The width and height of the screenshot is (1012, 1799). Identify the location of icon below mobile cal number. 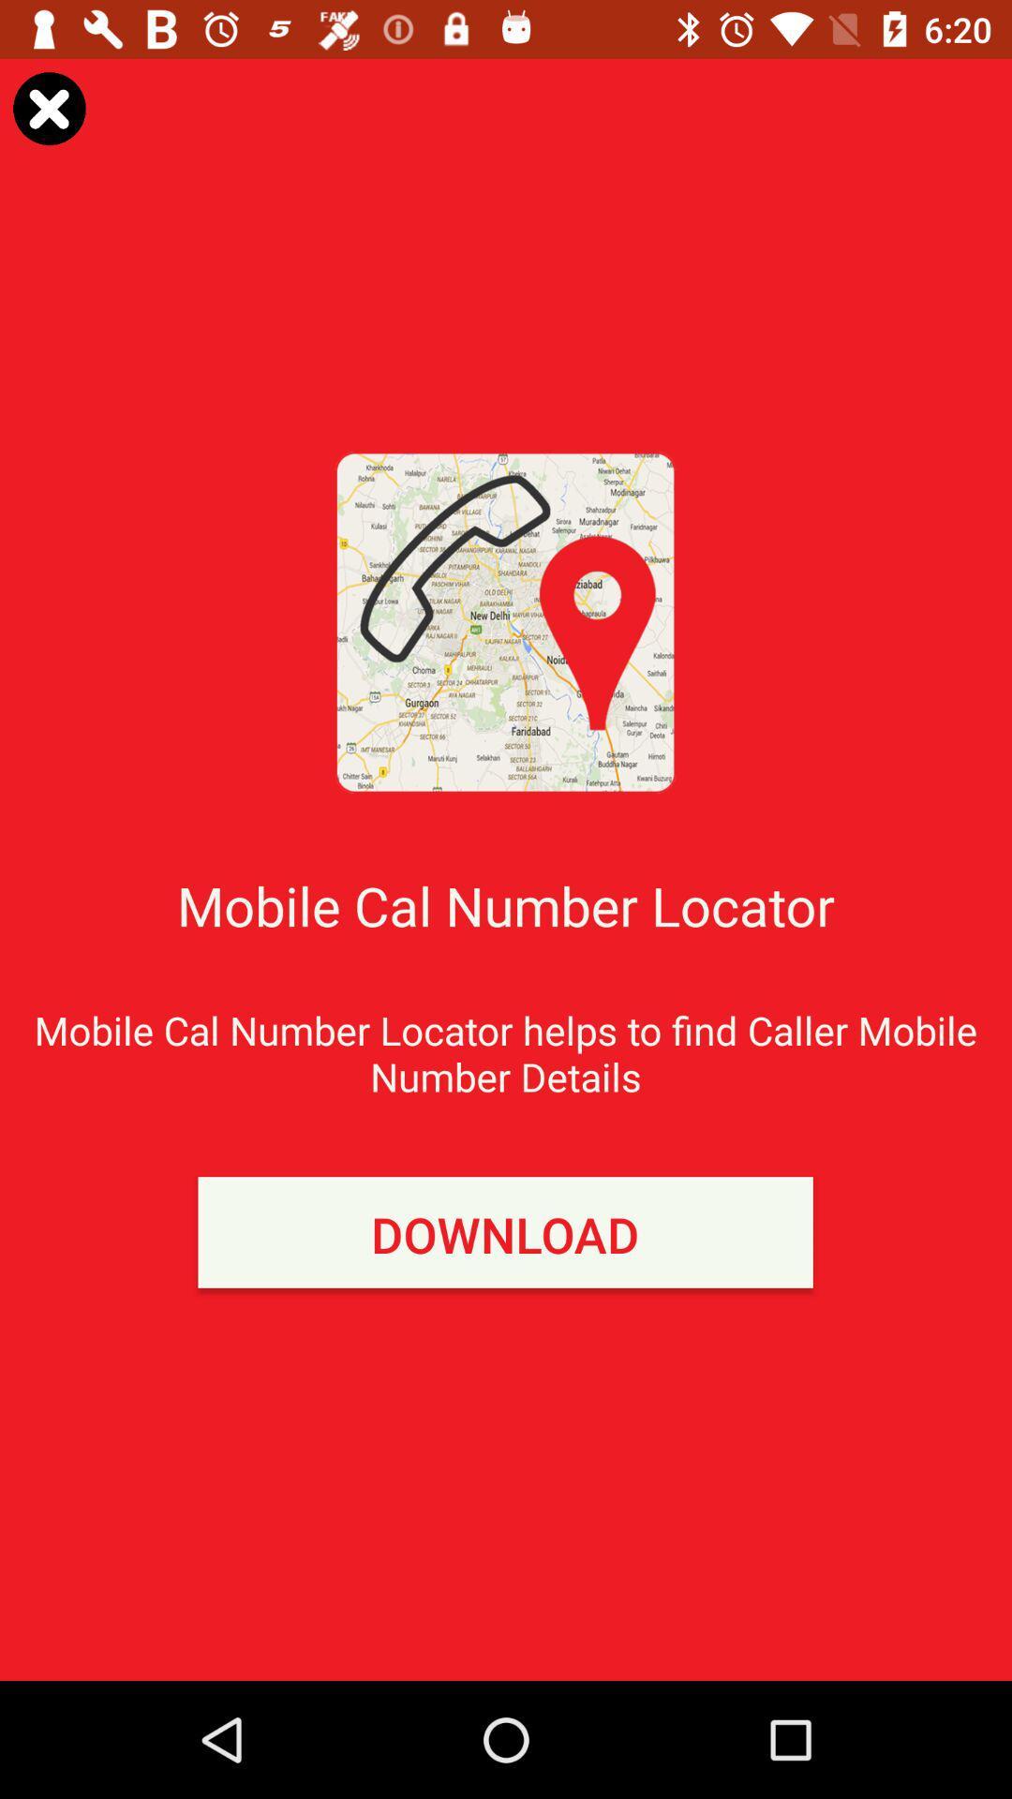
(504, 1232).